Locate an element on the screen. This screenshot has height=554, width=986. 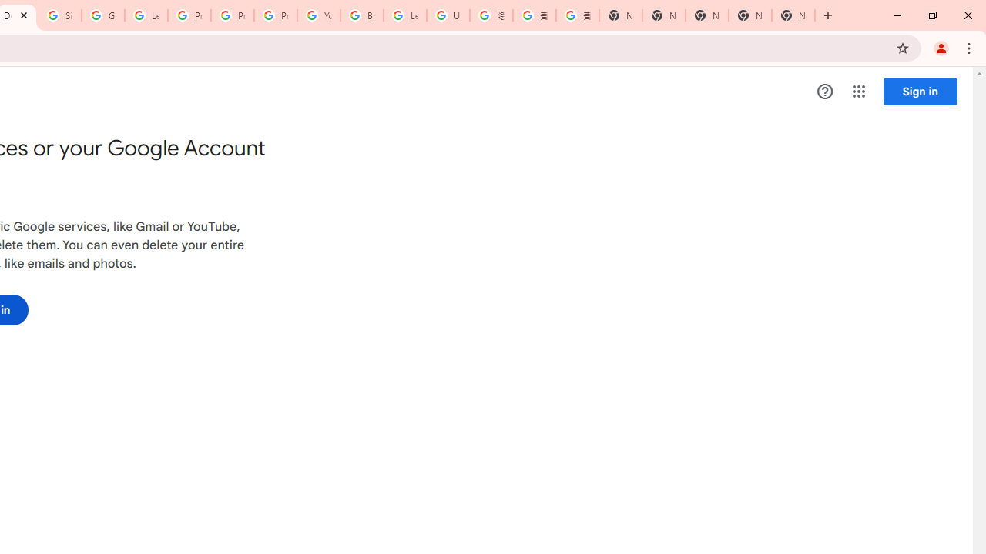
'Browse Chrome as a guest - Computer - Google Chrome Help' is located at coordinates (361, 15).